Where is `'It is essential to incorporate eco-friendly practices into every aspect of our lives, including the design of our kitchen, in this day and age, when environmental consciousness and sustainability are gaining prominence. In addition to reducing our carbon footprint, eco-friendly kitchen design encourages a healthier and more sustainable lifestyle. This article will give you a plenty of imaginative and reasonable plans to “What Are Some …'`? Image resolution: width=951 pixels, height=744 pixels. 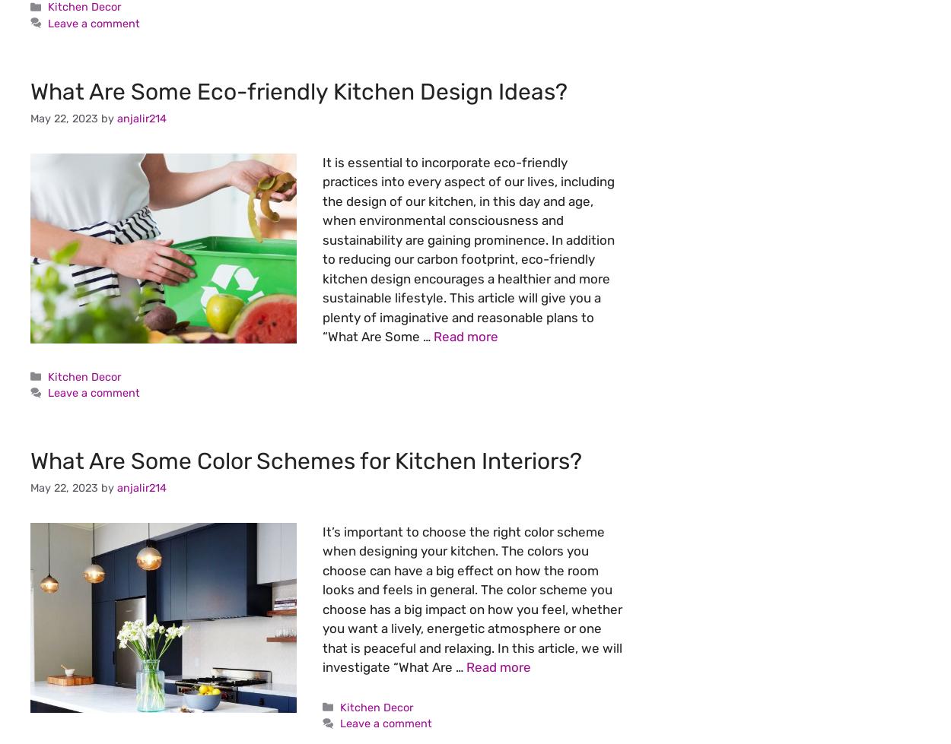 'It is essential to incorporate eco-friendly practices into every aspect of our lives, including the design of our kitchen, in this day and age, when environmental consciousness and sustainability are gaining prominence. In addition to reducing our carbon footprint, eco-friendly kitchen design encourages a healthier and more sustainable lifestyle. This article will give you a plenty of imaginative and reasonable plans to “What Are Some …' is located at coordinates (468, 249).